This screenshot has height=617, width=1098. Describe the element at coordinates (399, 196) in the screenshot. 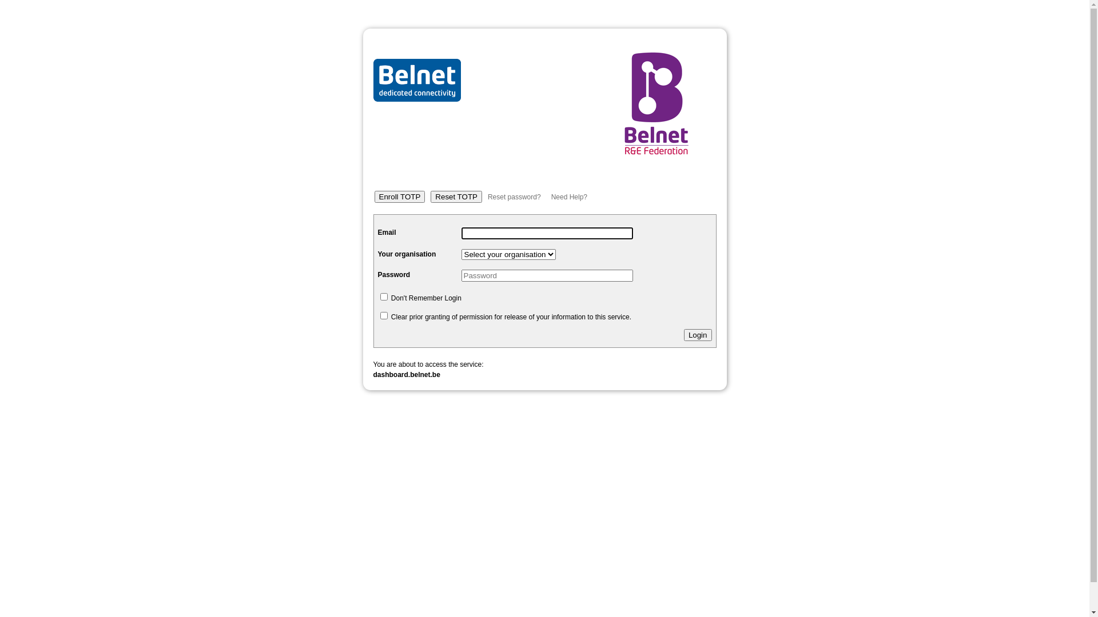

I see `'Enroll TOTP'` at that location.